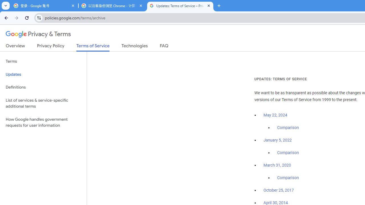 The width and height of the screenshot is (365, 205). What do you see at coordinates (43, 122) in the screenshot?
I see `'How Google handles government requests for user information'` at bounding box center [43, 122].